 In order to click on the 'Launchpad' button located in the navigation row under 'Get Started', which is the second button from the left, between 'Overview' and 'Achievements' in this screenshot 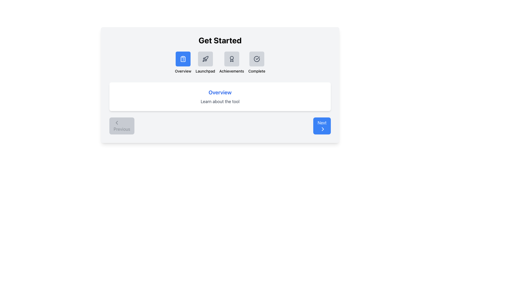, I will do `click(205, 59)`.